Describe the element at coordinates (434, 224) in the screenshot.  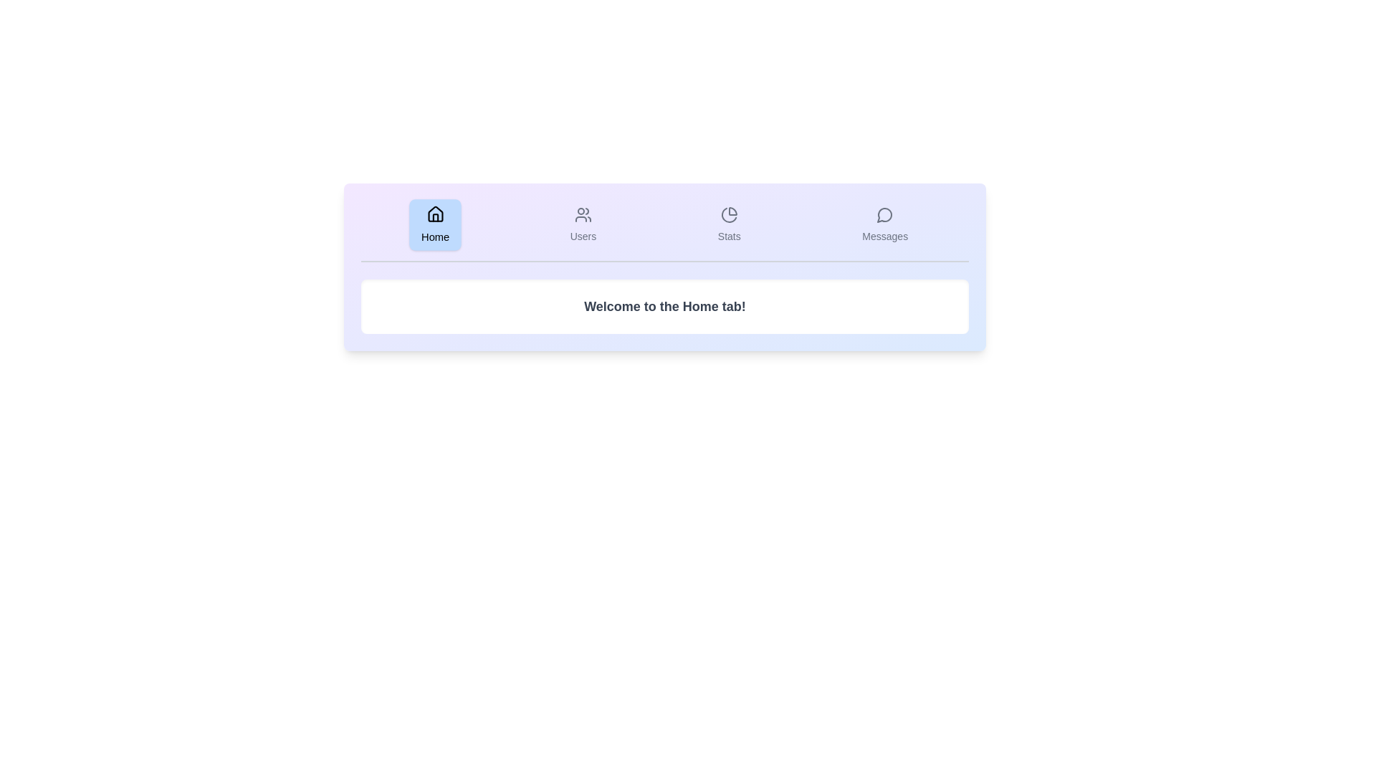
I see `the view corresponding to the tab Home` at that location.